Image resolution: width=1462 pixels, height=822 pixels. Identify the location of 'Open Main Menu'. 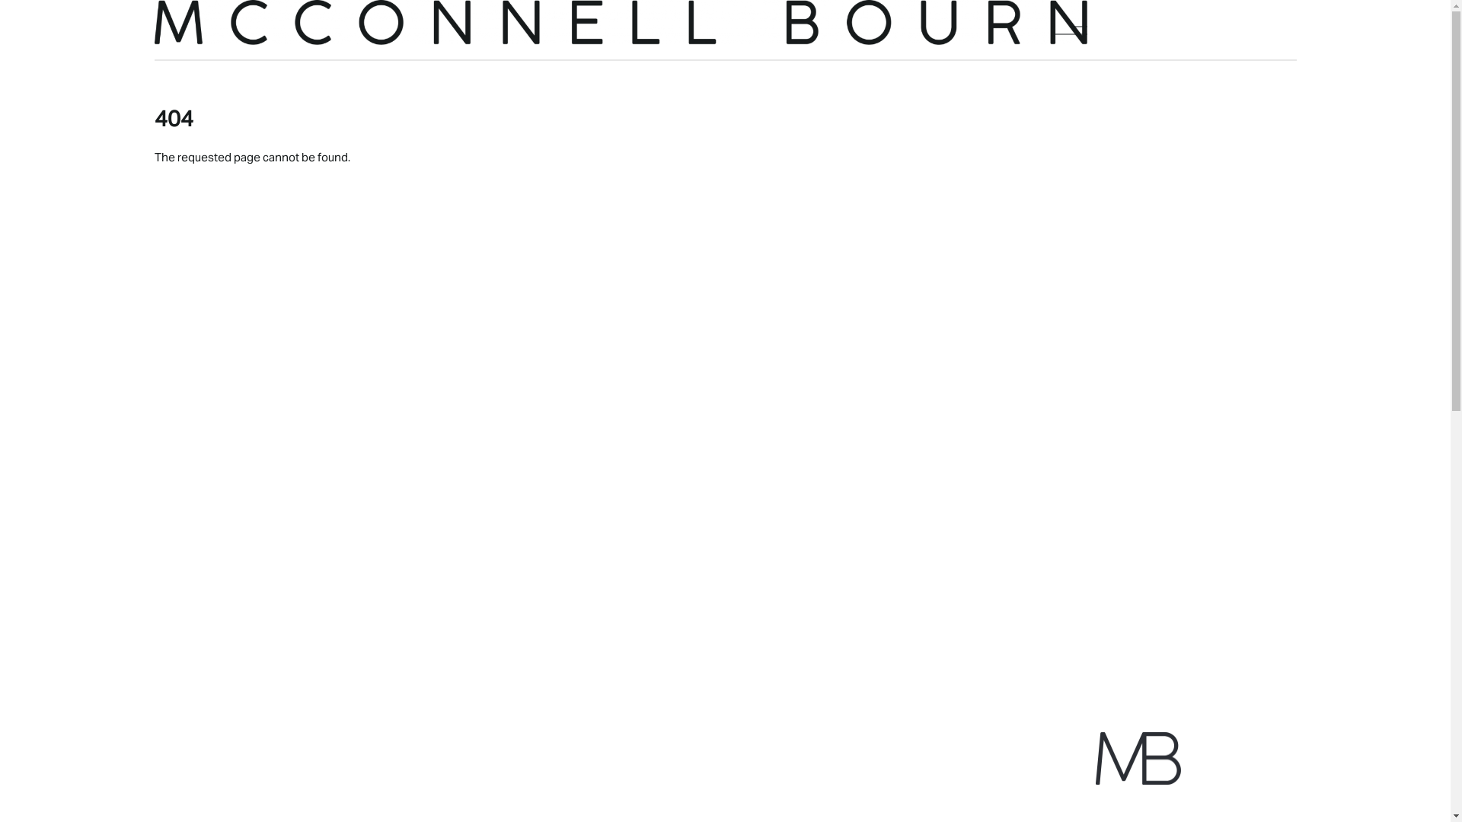
(1070, 30).